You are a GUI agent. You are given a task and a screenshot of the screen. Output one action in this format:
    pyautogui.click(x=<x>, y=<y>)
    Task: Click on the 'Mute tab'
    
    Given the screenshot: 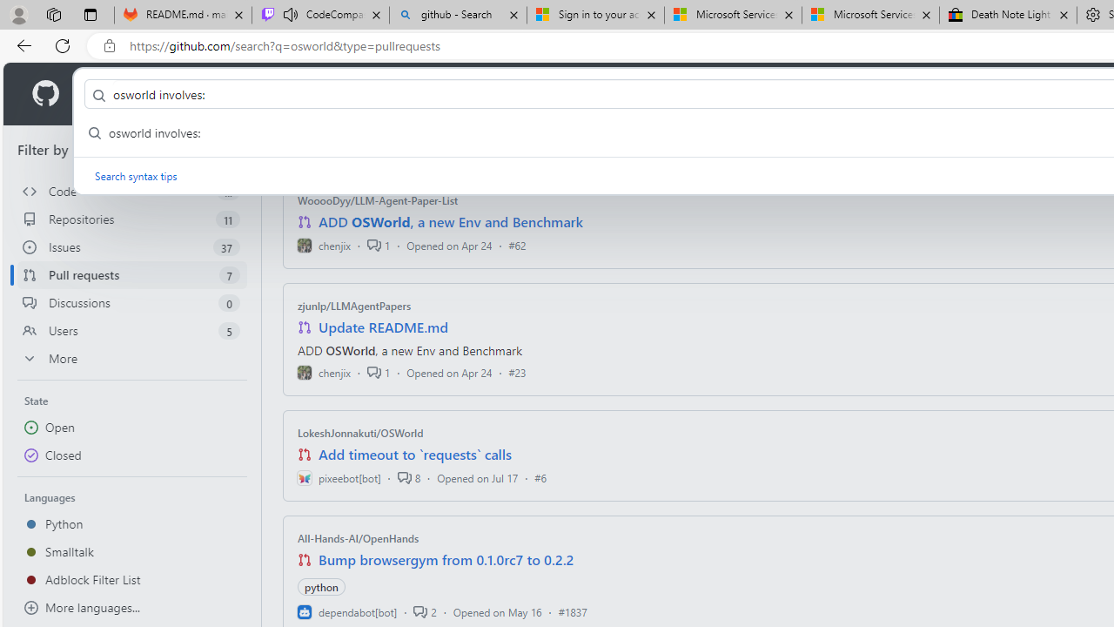 What is the action you would take?
    pyautogui.click(x=291, y=14)
    